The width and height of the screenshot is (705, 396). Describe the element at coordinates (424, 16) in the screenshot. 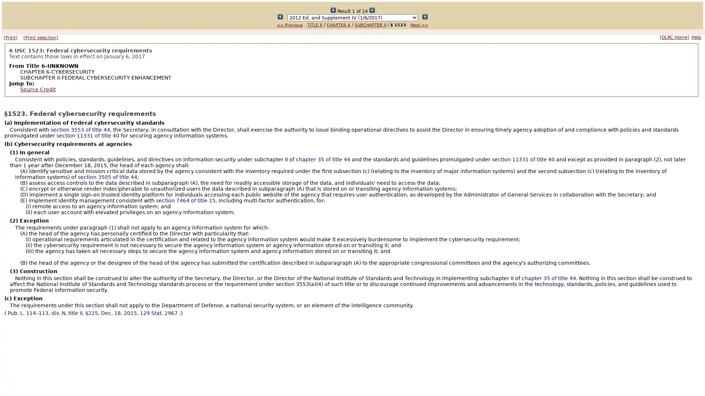

I see `Submit` at that location.